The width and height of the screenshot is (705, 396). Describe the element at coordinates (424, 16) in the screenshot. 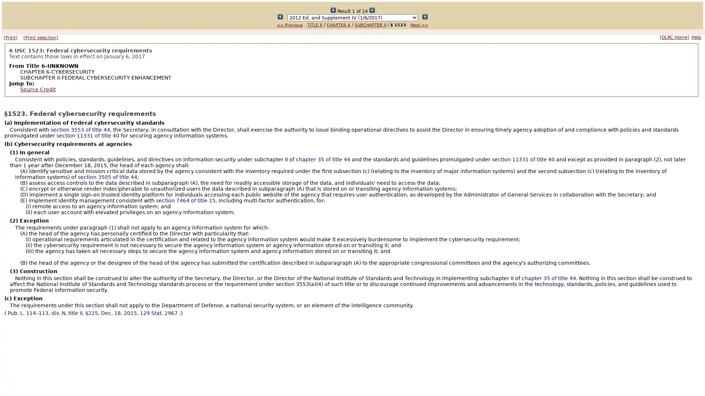

I see `Submit` at that location.